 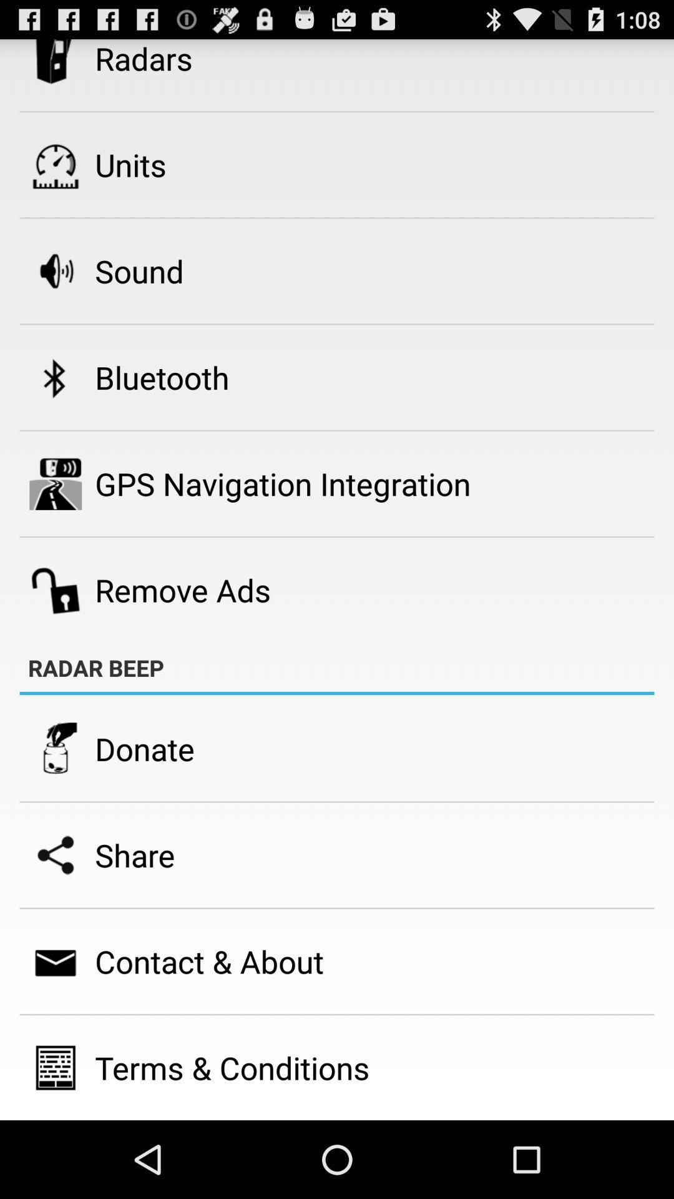 I want to click on the message icon from the bottom of the page, so click(x=54, y=961).